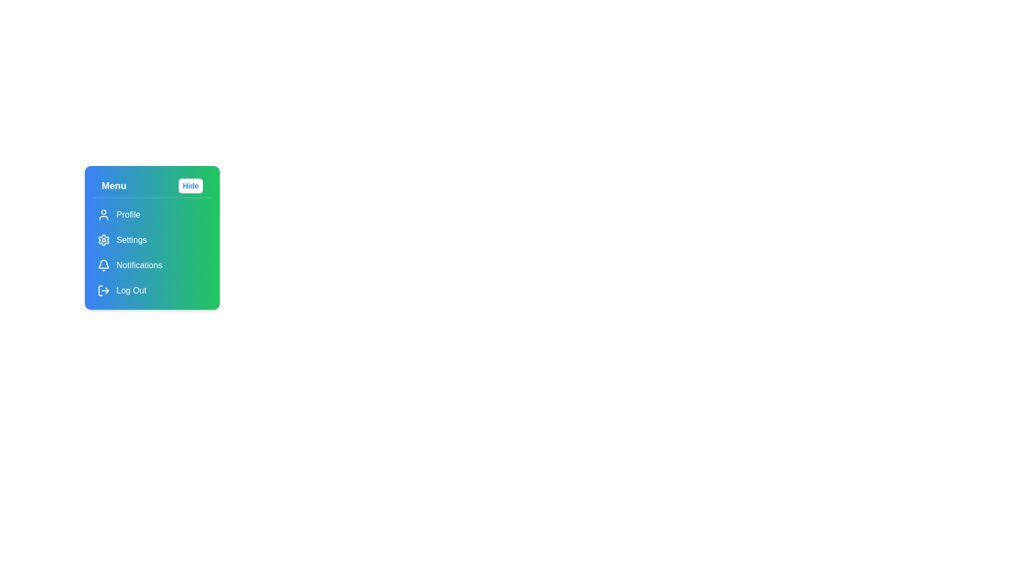 The image size is (1012, 569). Describe the element at coordinates (139, 265) in the screenshot. I see `the 'Notifications' text label in the sidebar menu` at that location.